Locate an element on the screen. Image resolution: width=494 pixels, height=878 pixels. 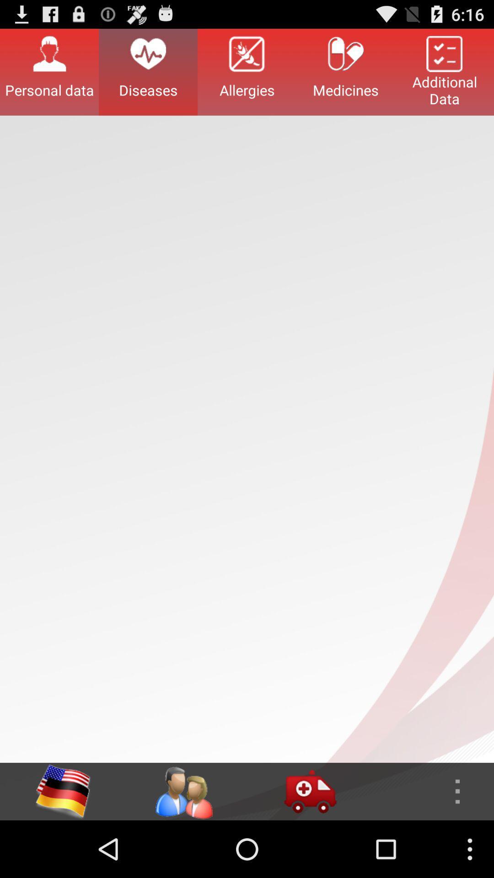
the button next to the allergies item is located at coordinates (346, 71).